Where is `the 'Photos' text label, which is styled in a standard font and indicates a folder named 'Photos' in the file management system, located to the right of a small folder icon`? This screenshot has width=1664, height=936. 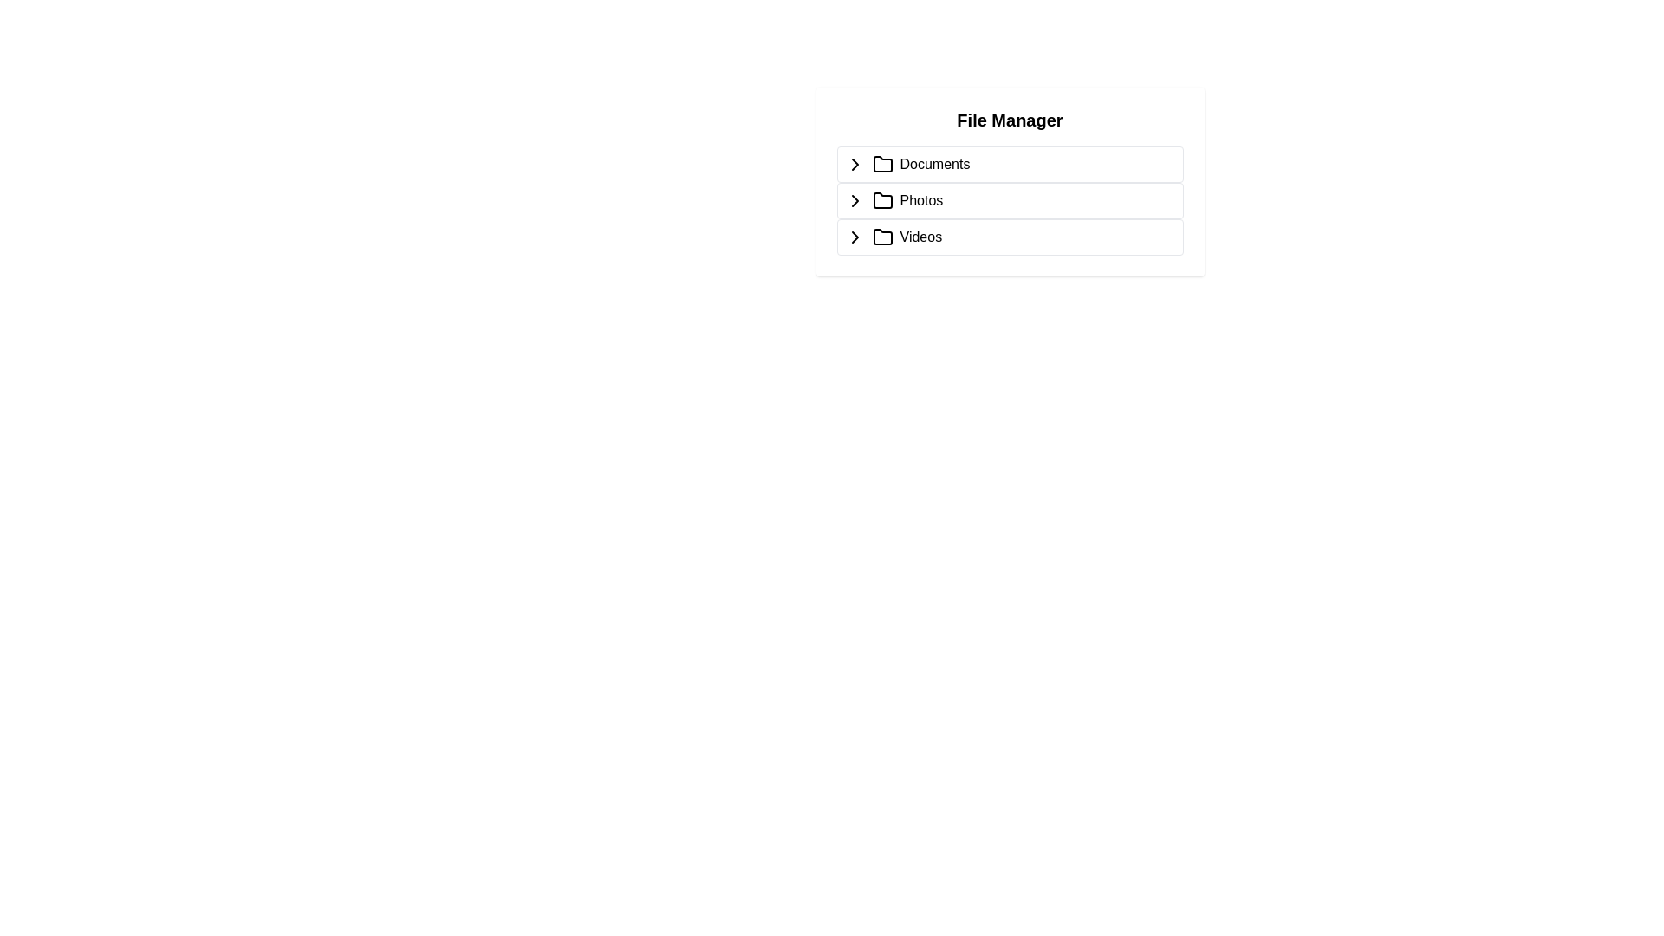
the 'Photos' text label, which is styled in a standard font and indicates a folder named 'Photos' in the file management system, located to the right of a small folder icon is located at coordinates (920, 199).